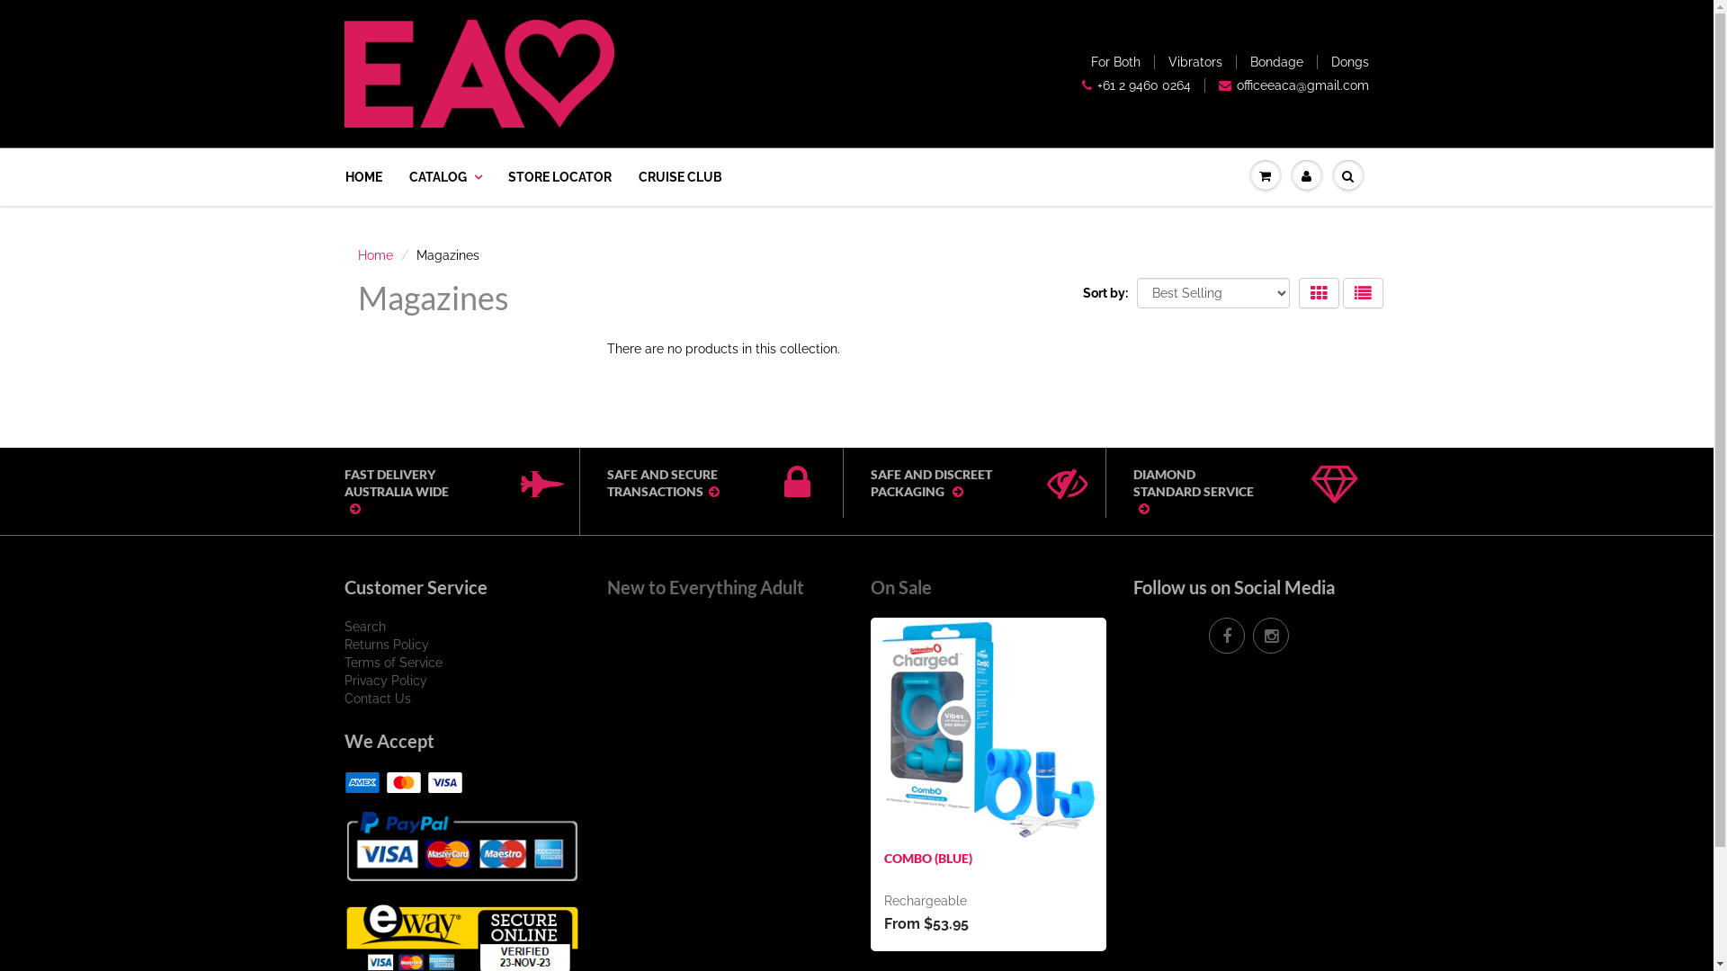 This screenshot has height=971, width=1727. What do you see at coordinates (871, 586) in the screenshot?
I see `'On Sale'` at bounding box center [871, 586].